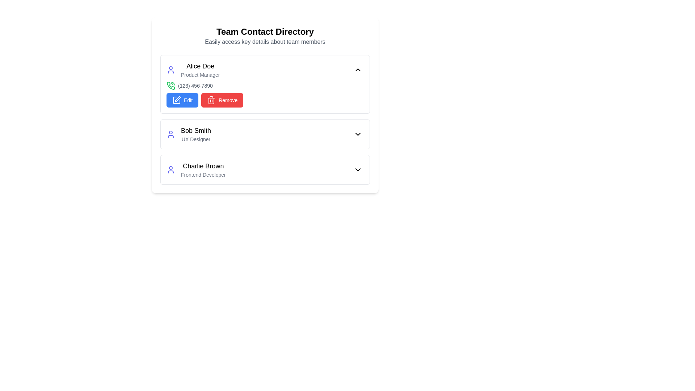  Describe the element at coordinates (358, 134) in the screenshot. I see `the chevron icon button` at that location.